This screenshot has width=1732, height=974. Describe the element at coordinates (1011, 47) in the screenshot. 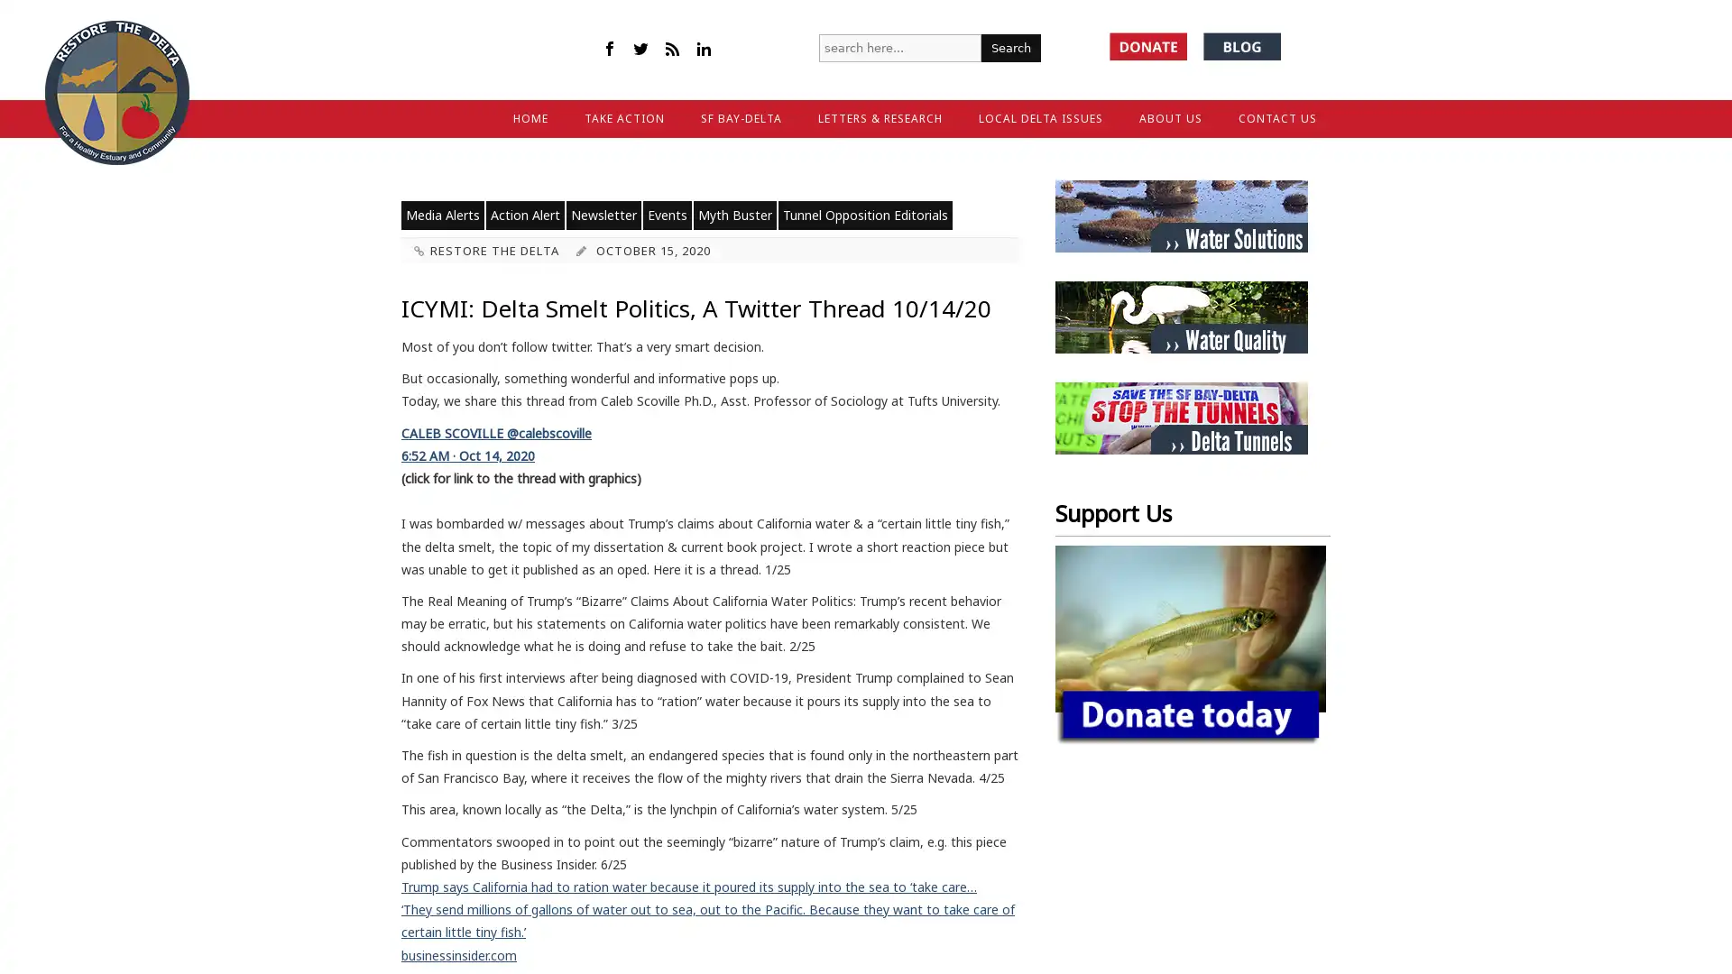

I see `Search` at that location.